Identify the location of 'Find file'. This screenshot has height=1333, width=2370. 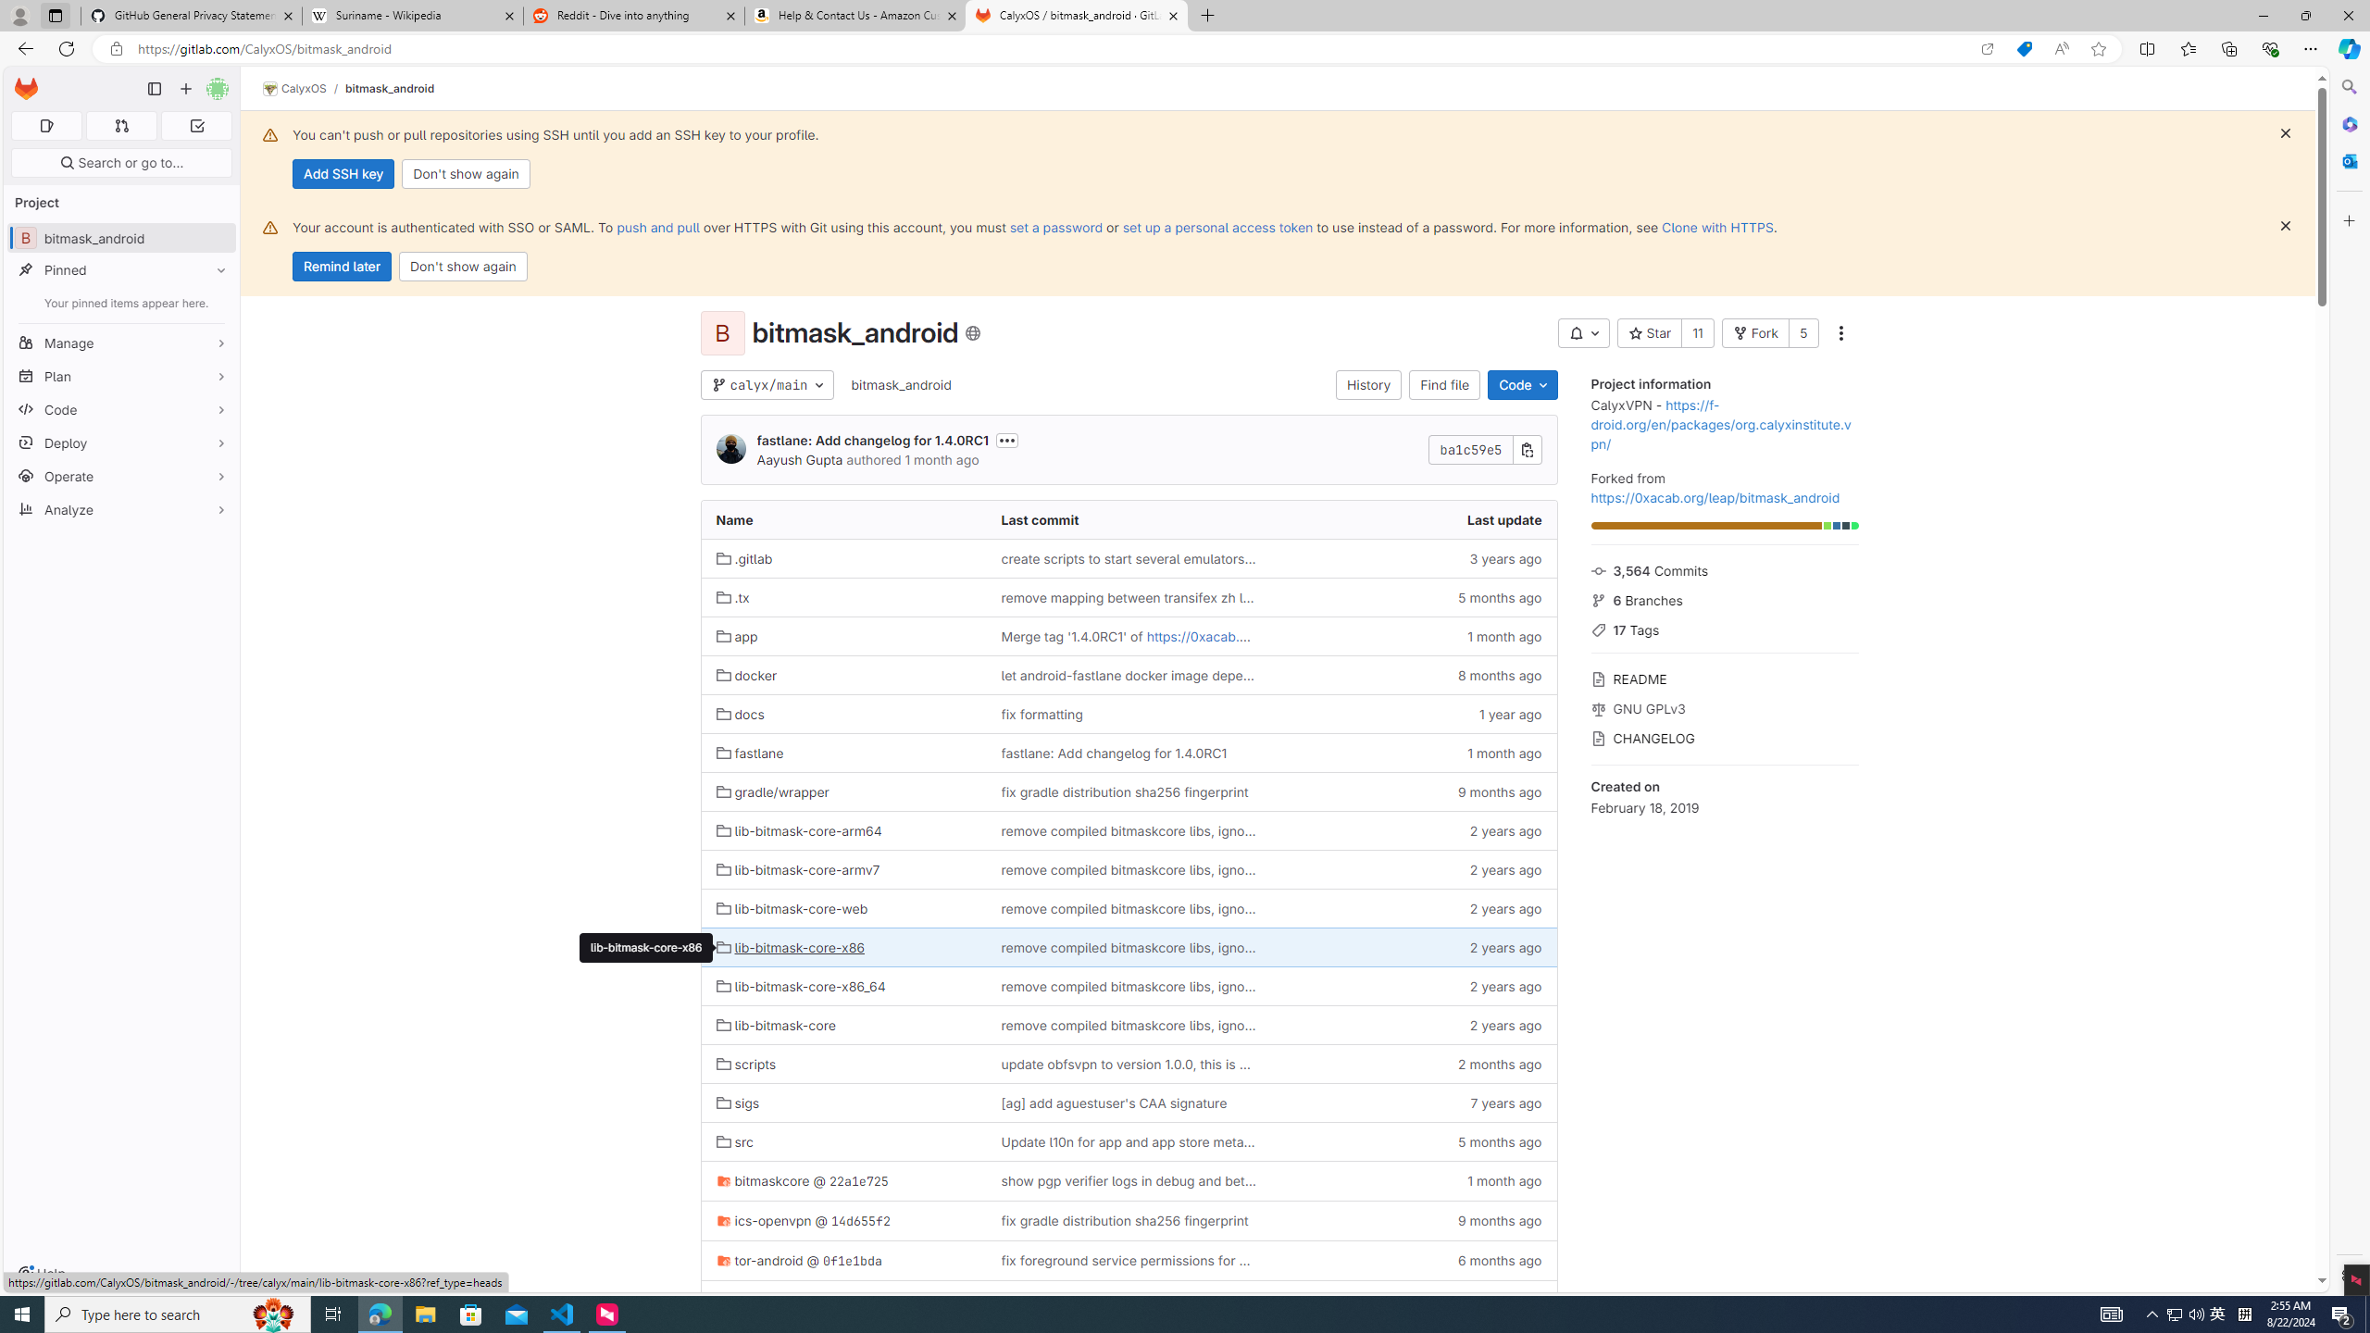
(1445, 384).